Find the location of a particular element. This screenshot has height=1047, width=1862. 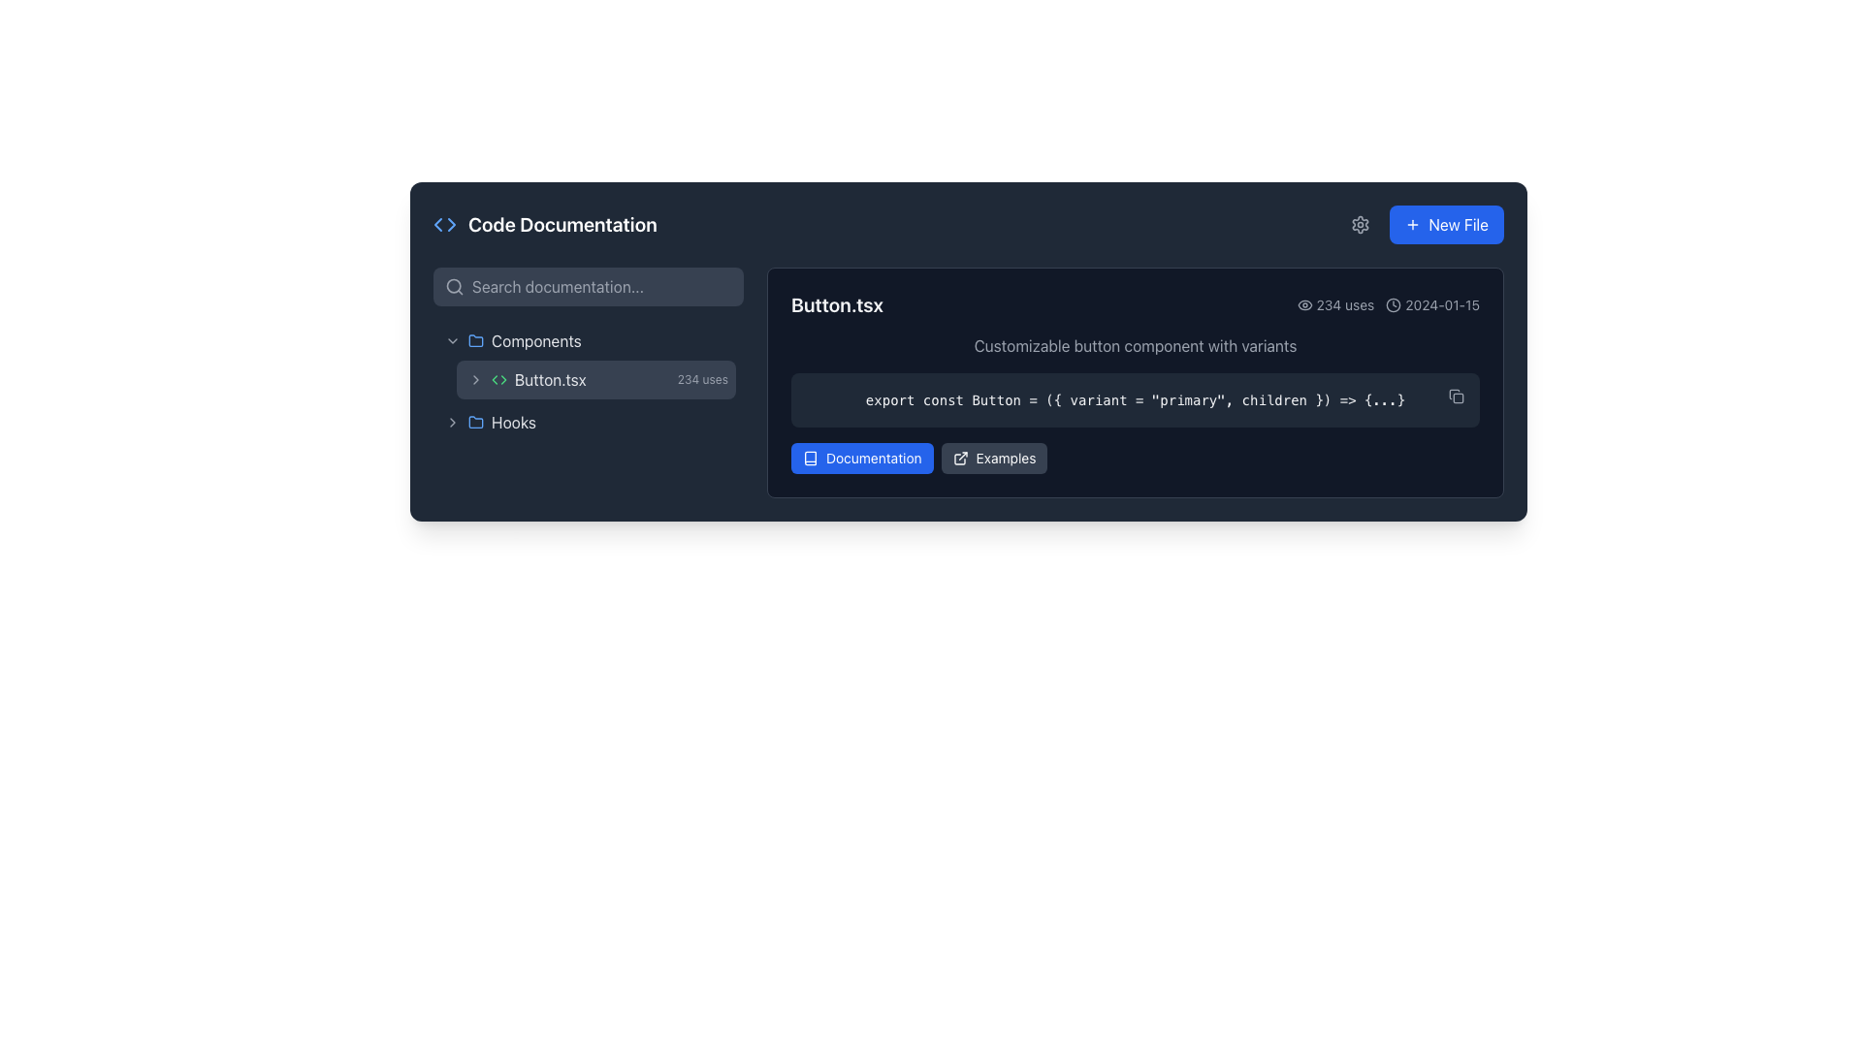

the gear-shaped icon button located to the left of the 'New File' button is located at coordinates (1360, 223).